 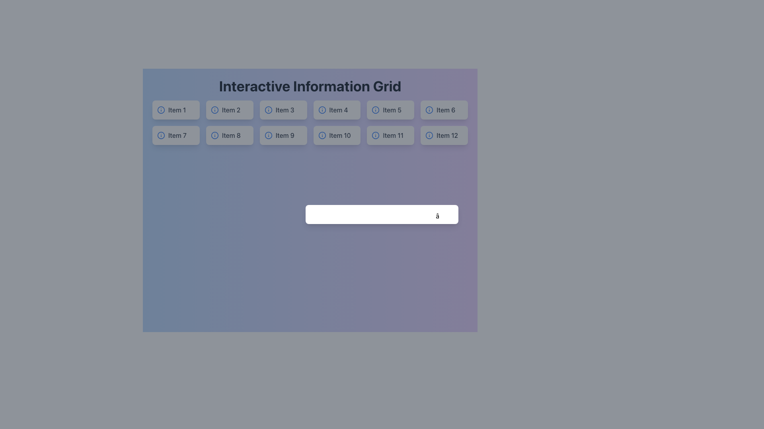 What do you see at coordinates (285, 135) in the screenshot?
I see `the text label displaying 'Item 9' which is styled with medium-weight dark gray text, located in the second row, third column of the grid layout` at bounding box center [285, 135].